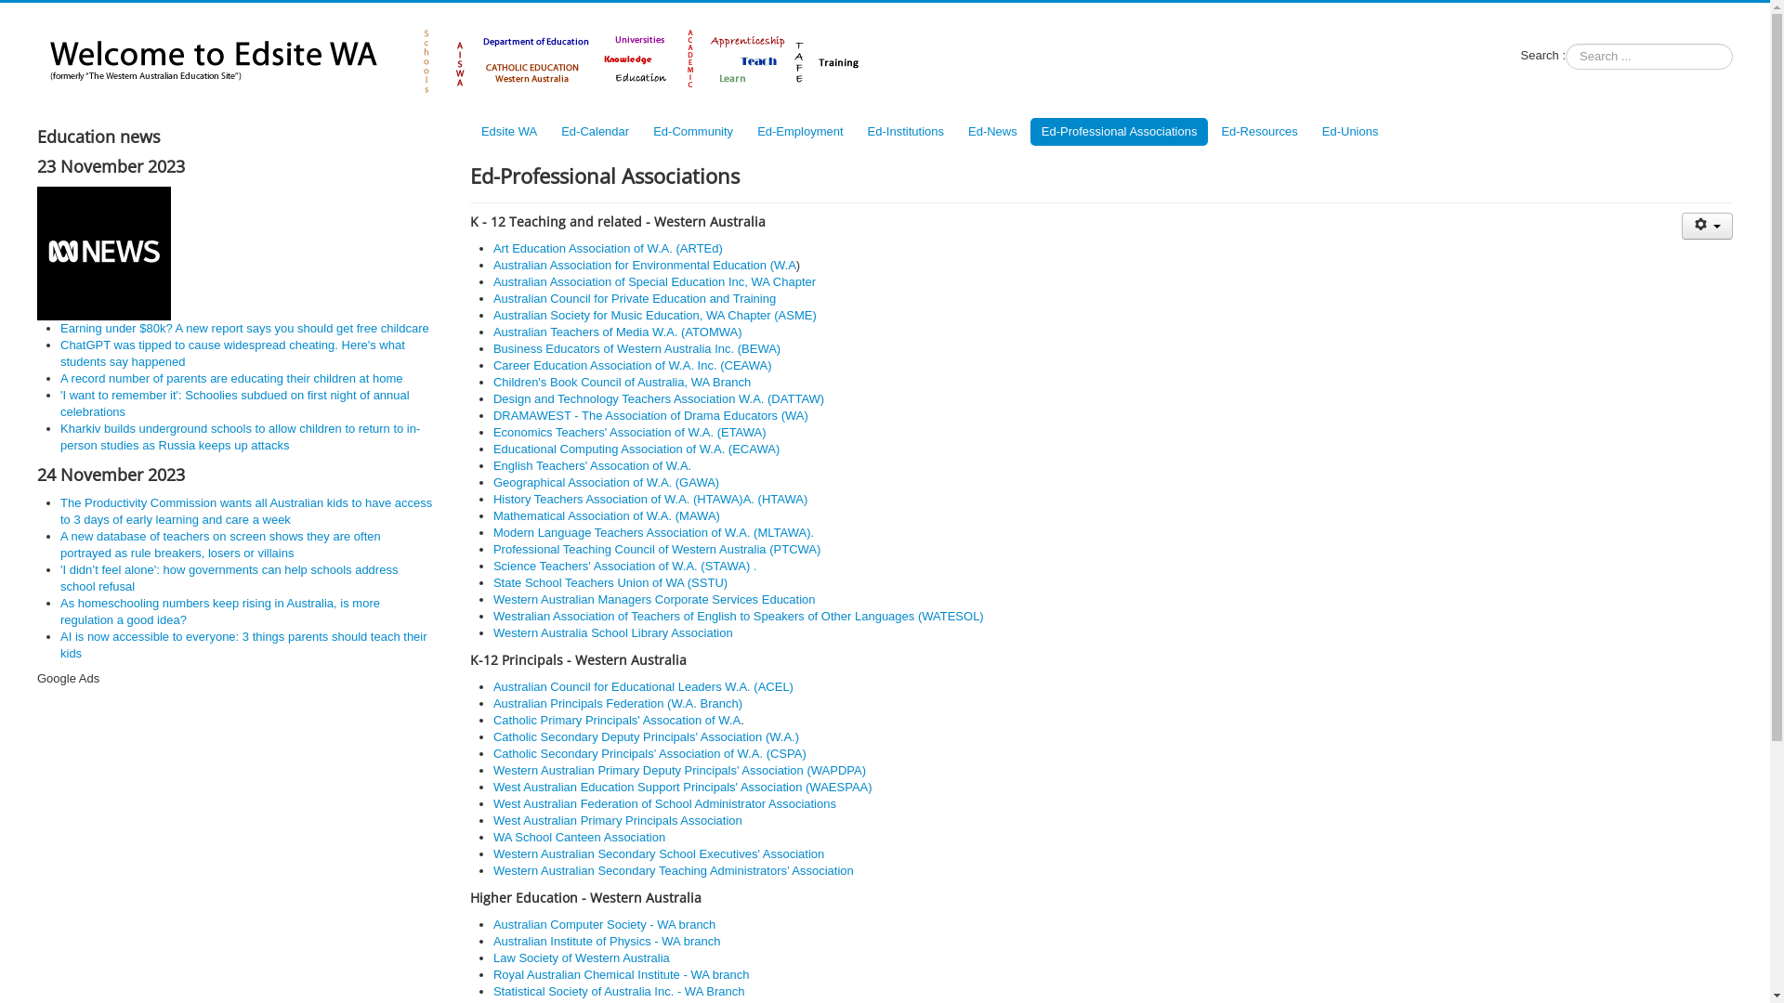 Image resolution: width=1784 pixels, height=1003 pixels. Describe the element at coordinates (604, 924) in the screenshot. I see `'Australian Computer Society - WA branch'` at that location.